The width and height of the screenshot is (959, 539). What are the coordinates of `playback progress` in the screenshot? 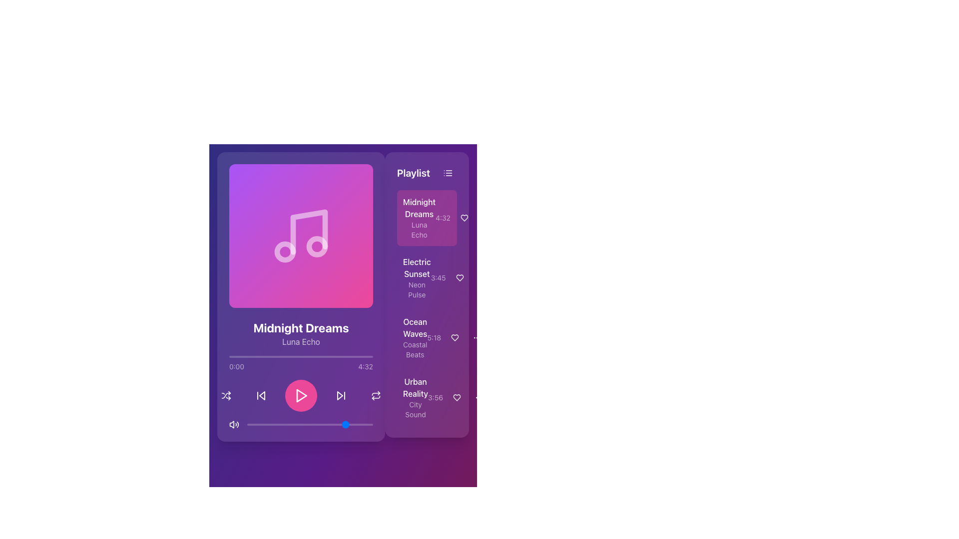 It's located at (315, 425).